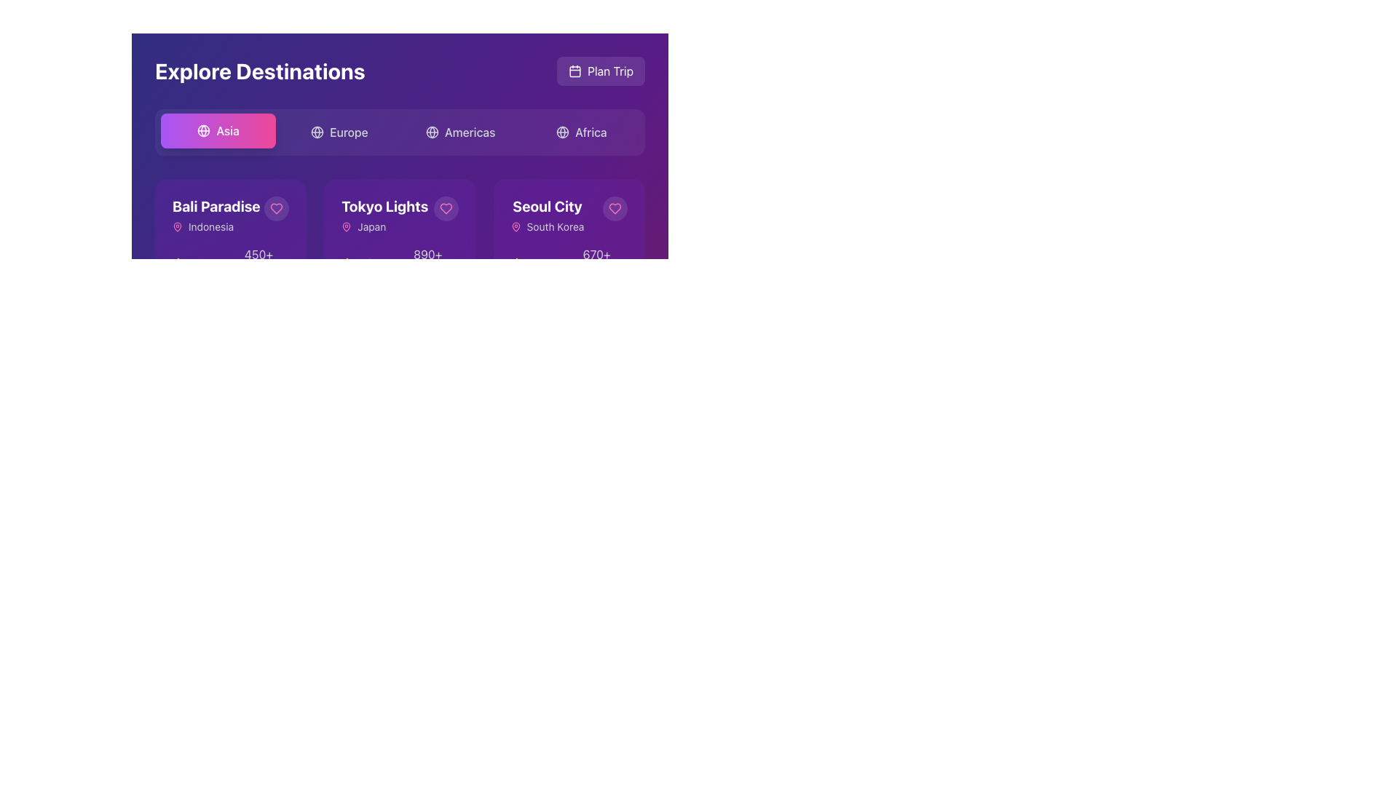 The height and width of the screenshot is (786, 1398). What do you see at coordinates (561, 132) in the screenshot?
I see `the 'Africa' button represented by the globe icon, which is the fourth item in the horizontal list at the top central area of the interface` at bounding box center [561, 132].